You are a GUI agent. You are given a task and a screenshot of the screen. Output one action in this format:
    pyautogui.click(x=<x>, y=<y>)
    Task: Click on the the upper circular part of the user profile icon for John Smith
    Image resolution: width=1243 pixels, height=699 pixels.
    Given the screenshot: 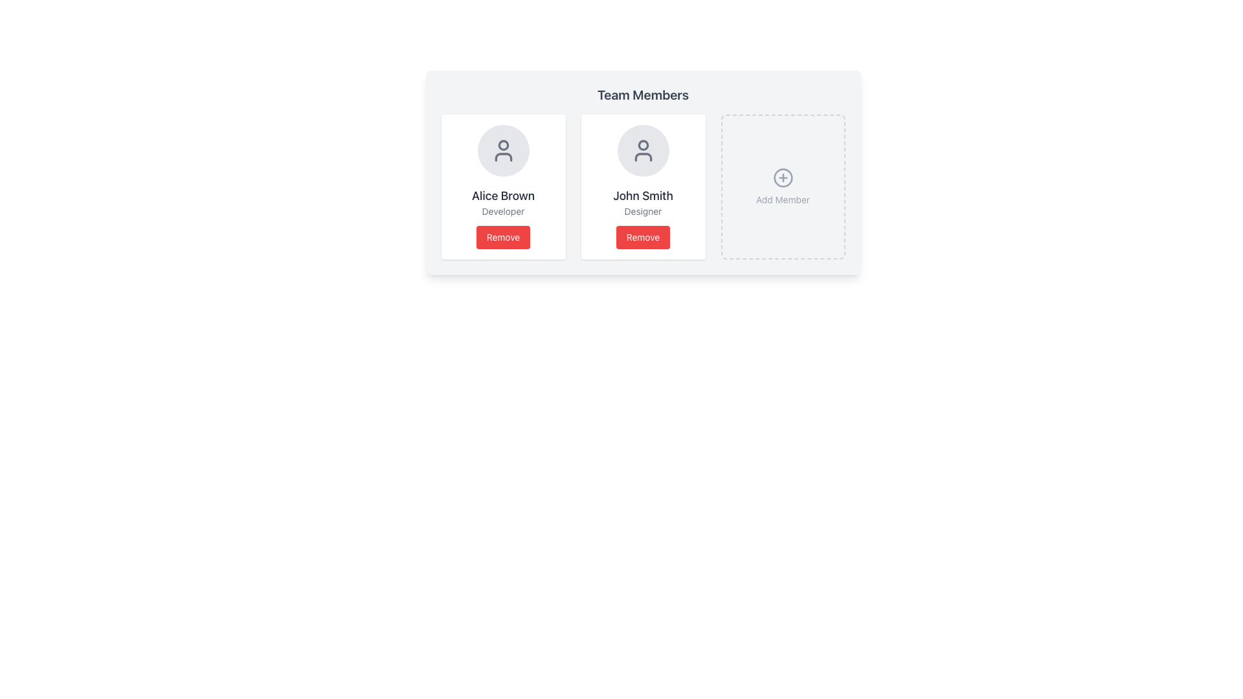 What is the action you would take?
    pyautogui.click(x=643, y=145)
    